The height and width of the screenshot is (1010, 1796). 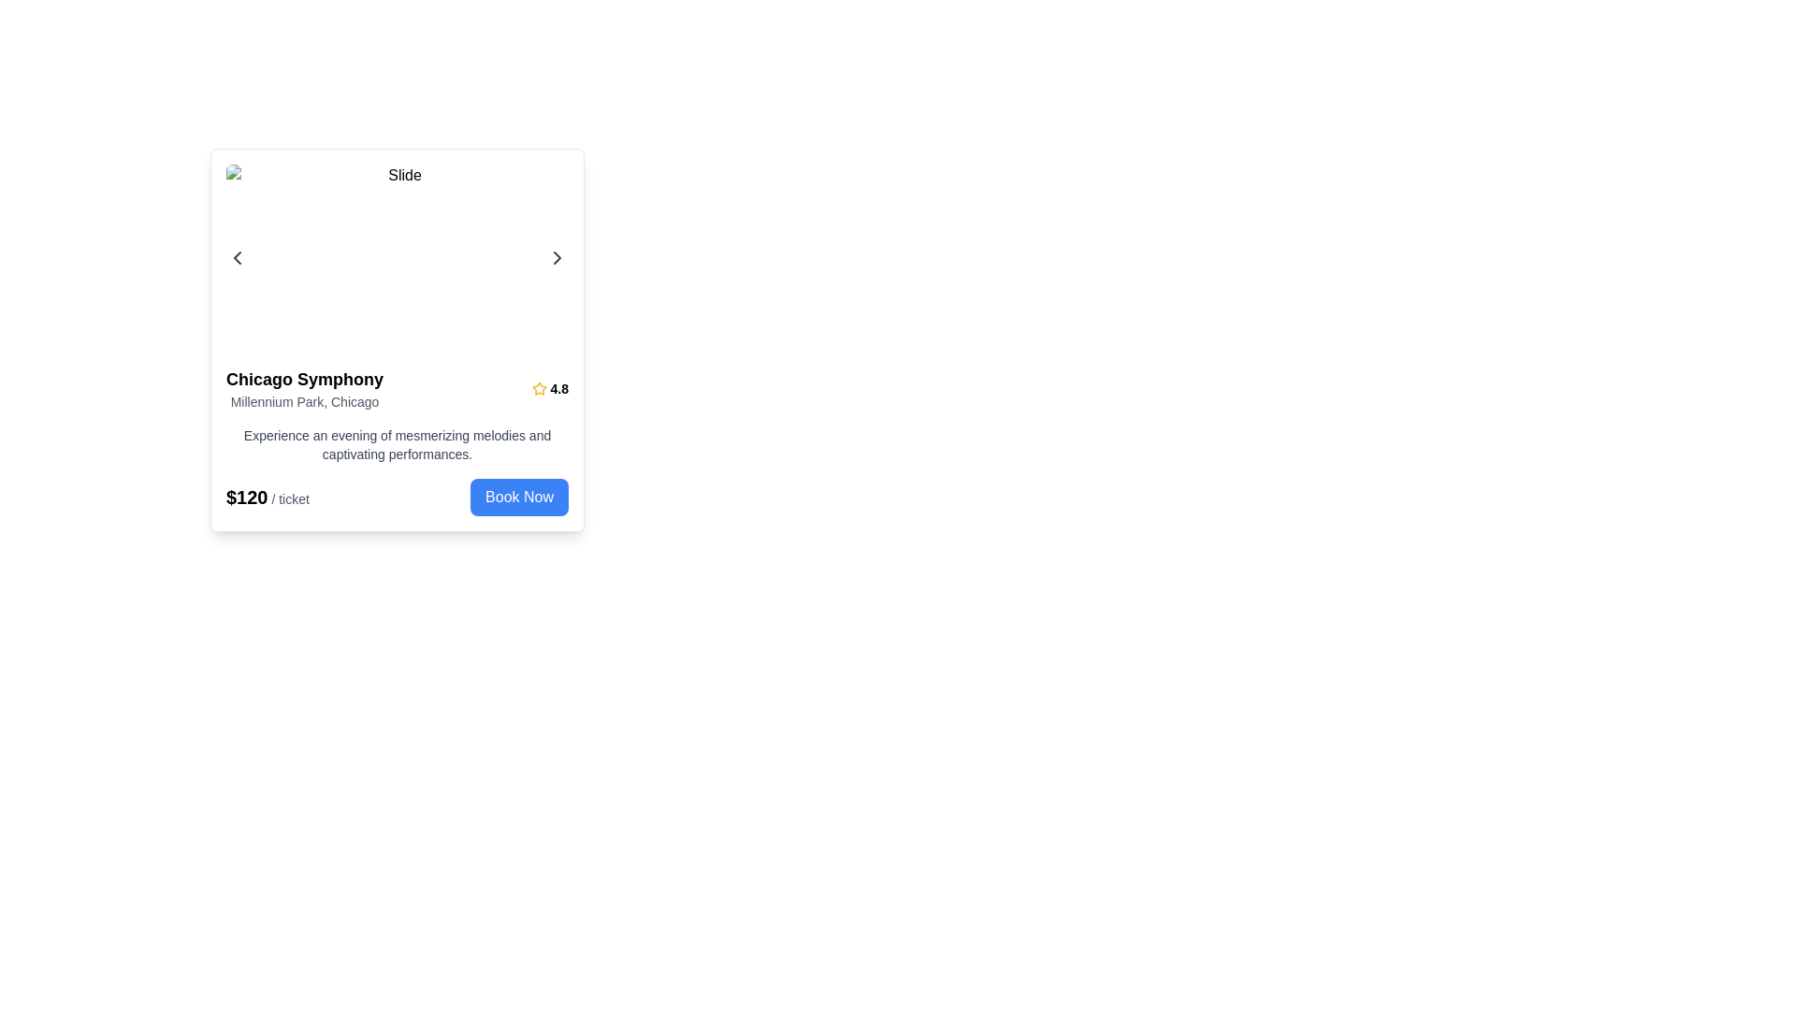 I want to click on the title and subtitle text label of the music-related event, located at the top-left of the card, above the descriptive paragraph and below the placeholder image, so click(x=305, y=388).